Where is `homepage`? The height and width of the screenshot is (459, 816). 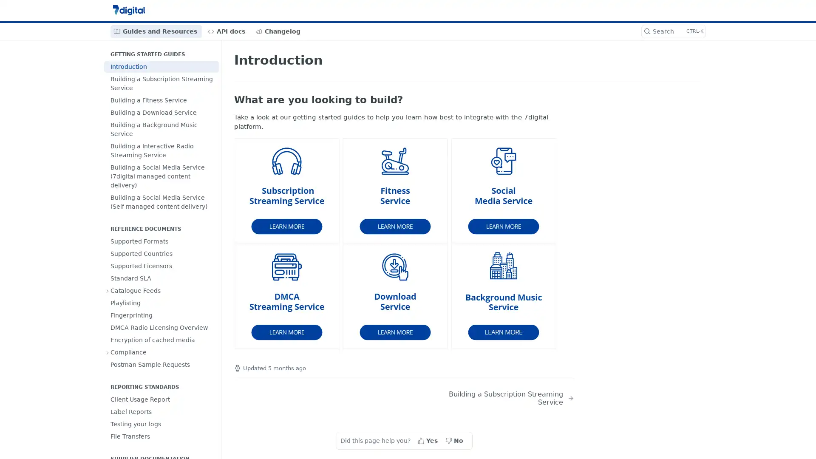 homepage is located at coordinates (395, 296).